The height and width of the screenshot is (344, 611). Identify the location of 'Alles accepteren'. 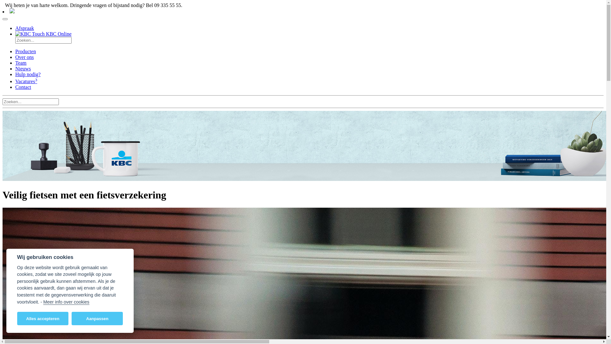
(17, 318).